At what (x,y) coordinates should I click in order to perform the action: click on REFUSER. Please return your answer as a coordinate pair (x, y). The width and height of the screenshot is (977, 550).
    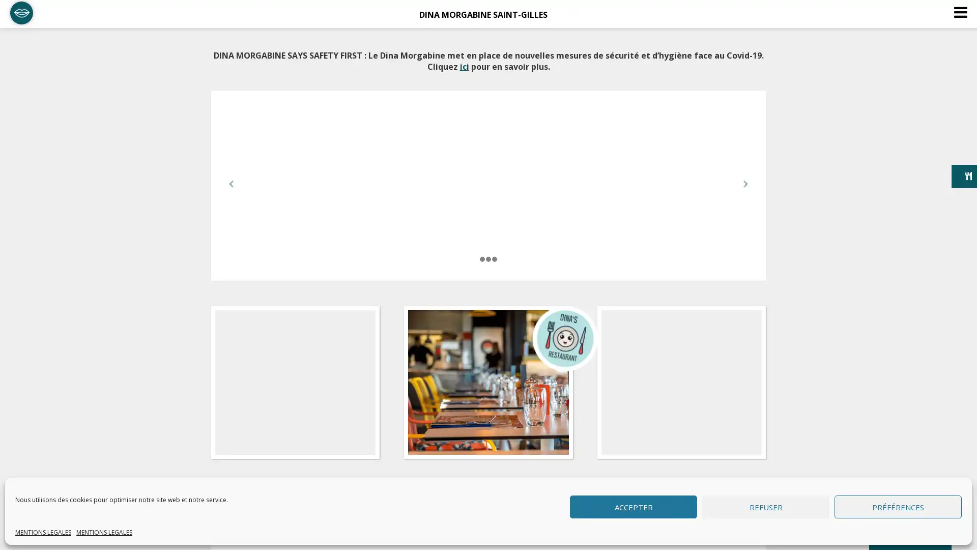
    Looking at the image, I should click on (766, 507).